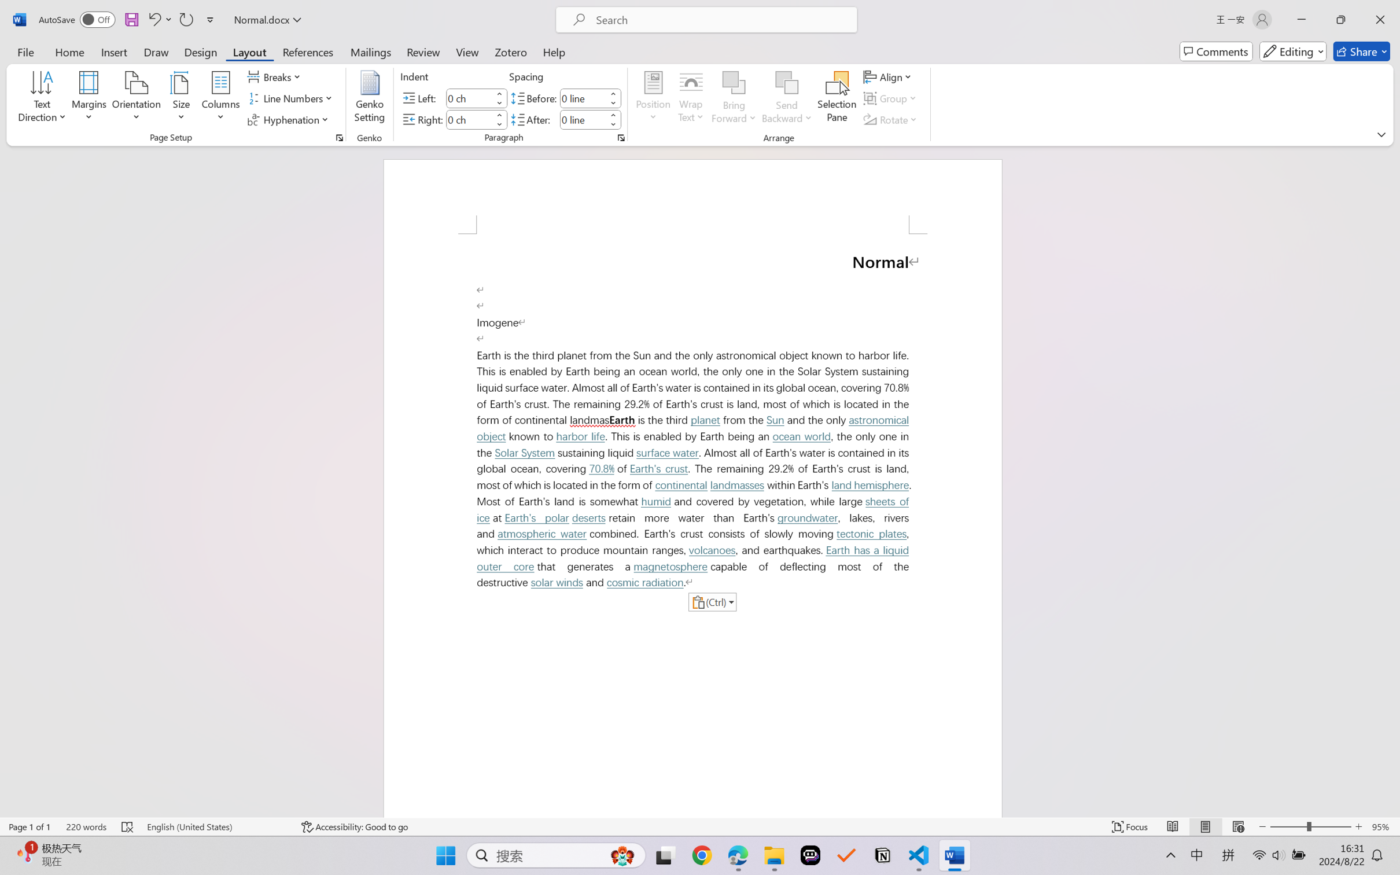  I want to click on 'Selection Pane...', so click(836, 98).